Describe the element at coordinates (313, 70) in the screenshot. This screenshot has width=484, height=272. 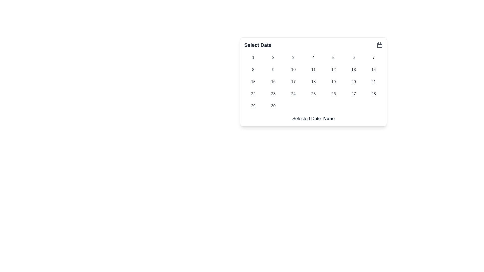
I see `the rounded rectangular button displaying the number '11'` at that location.